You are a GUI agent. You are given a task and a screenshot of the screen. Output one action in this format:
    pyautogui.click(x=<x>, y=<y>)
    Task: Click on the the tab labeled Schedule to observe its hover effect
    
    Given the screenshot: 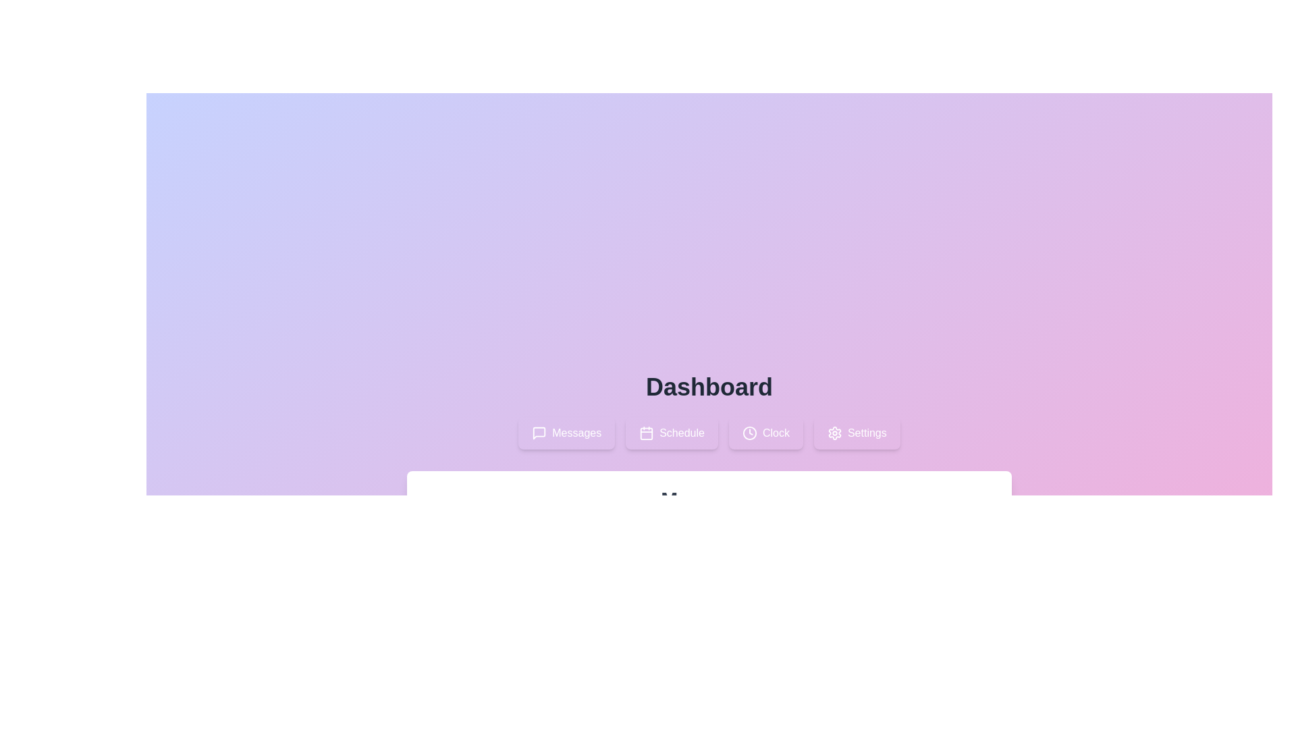 What is the action you would take?
    pyautogui.click(x=672, y=433)
    